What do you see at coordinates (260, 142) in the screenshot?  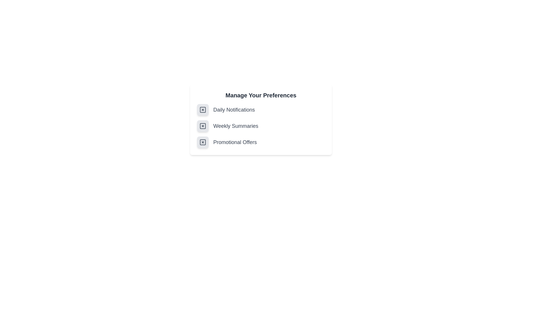 I see `the third list item in the 'Manage Your Preferences' section` at bounding box center [260, 142].